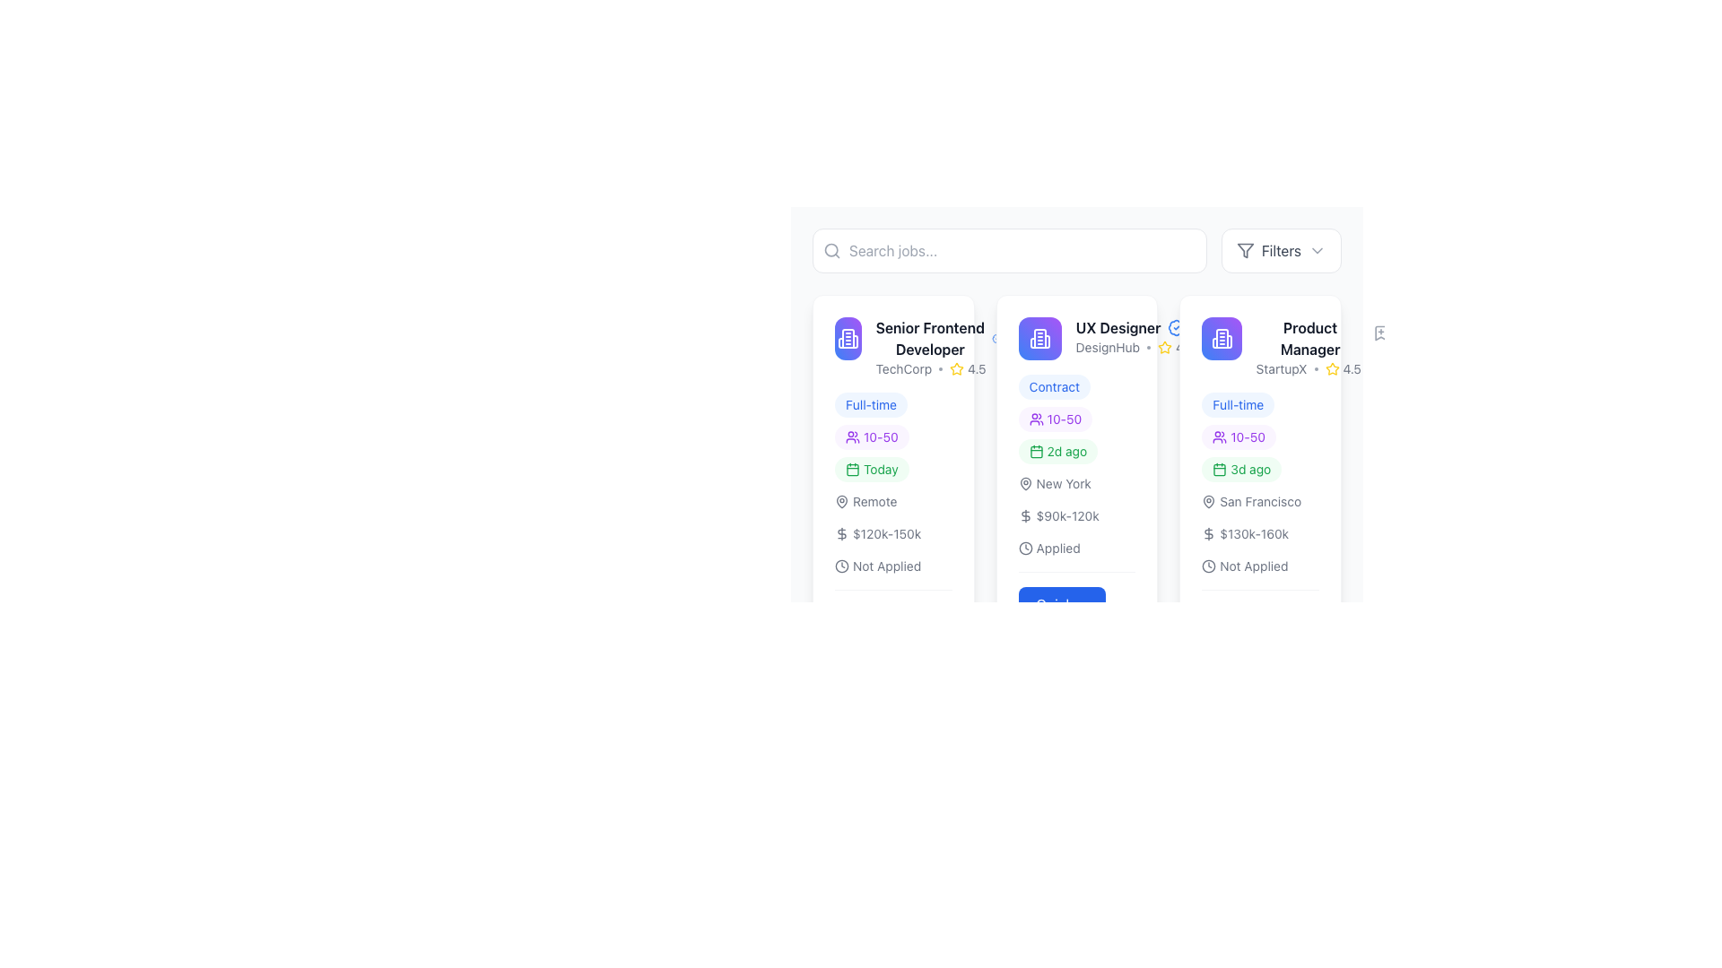 The image size is (1722, 968). What do you see at coordinates (1076, 465) in the screenshot?
I see `text displayed in the Text Label that shows the duration since the listed opportunity or post was last updated or created, located within the 'UX Designer' module, above the 'New York' label` at bounding box center [1076, 465].